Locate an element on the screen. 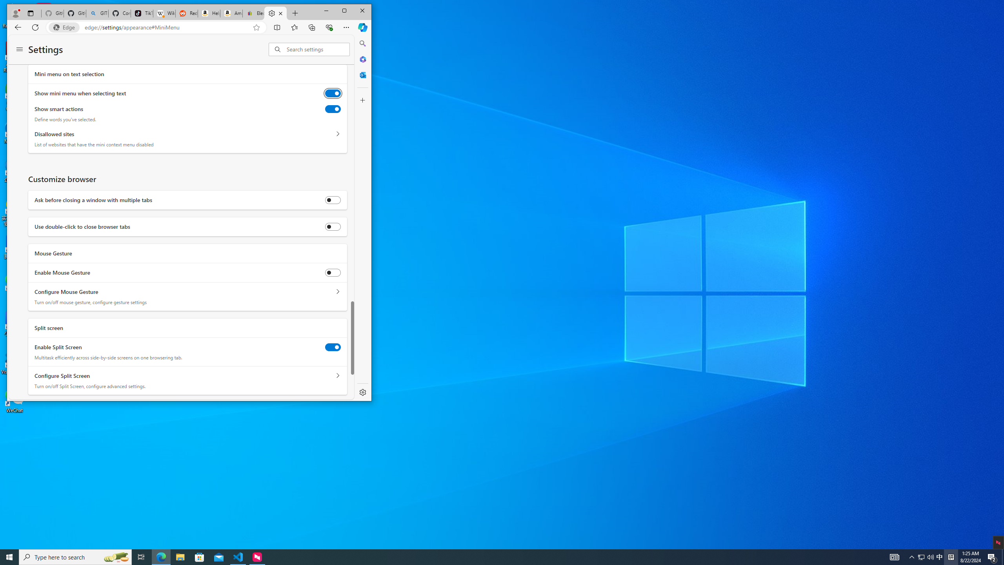 The height and width of the screenshot is (565, 1004). 'Settings menu' is located at coordinates (19, 49).